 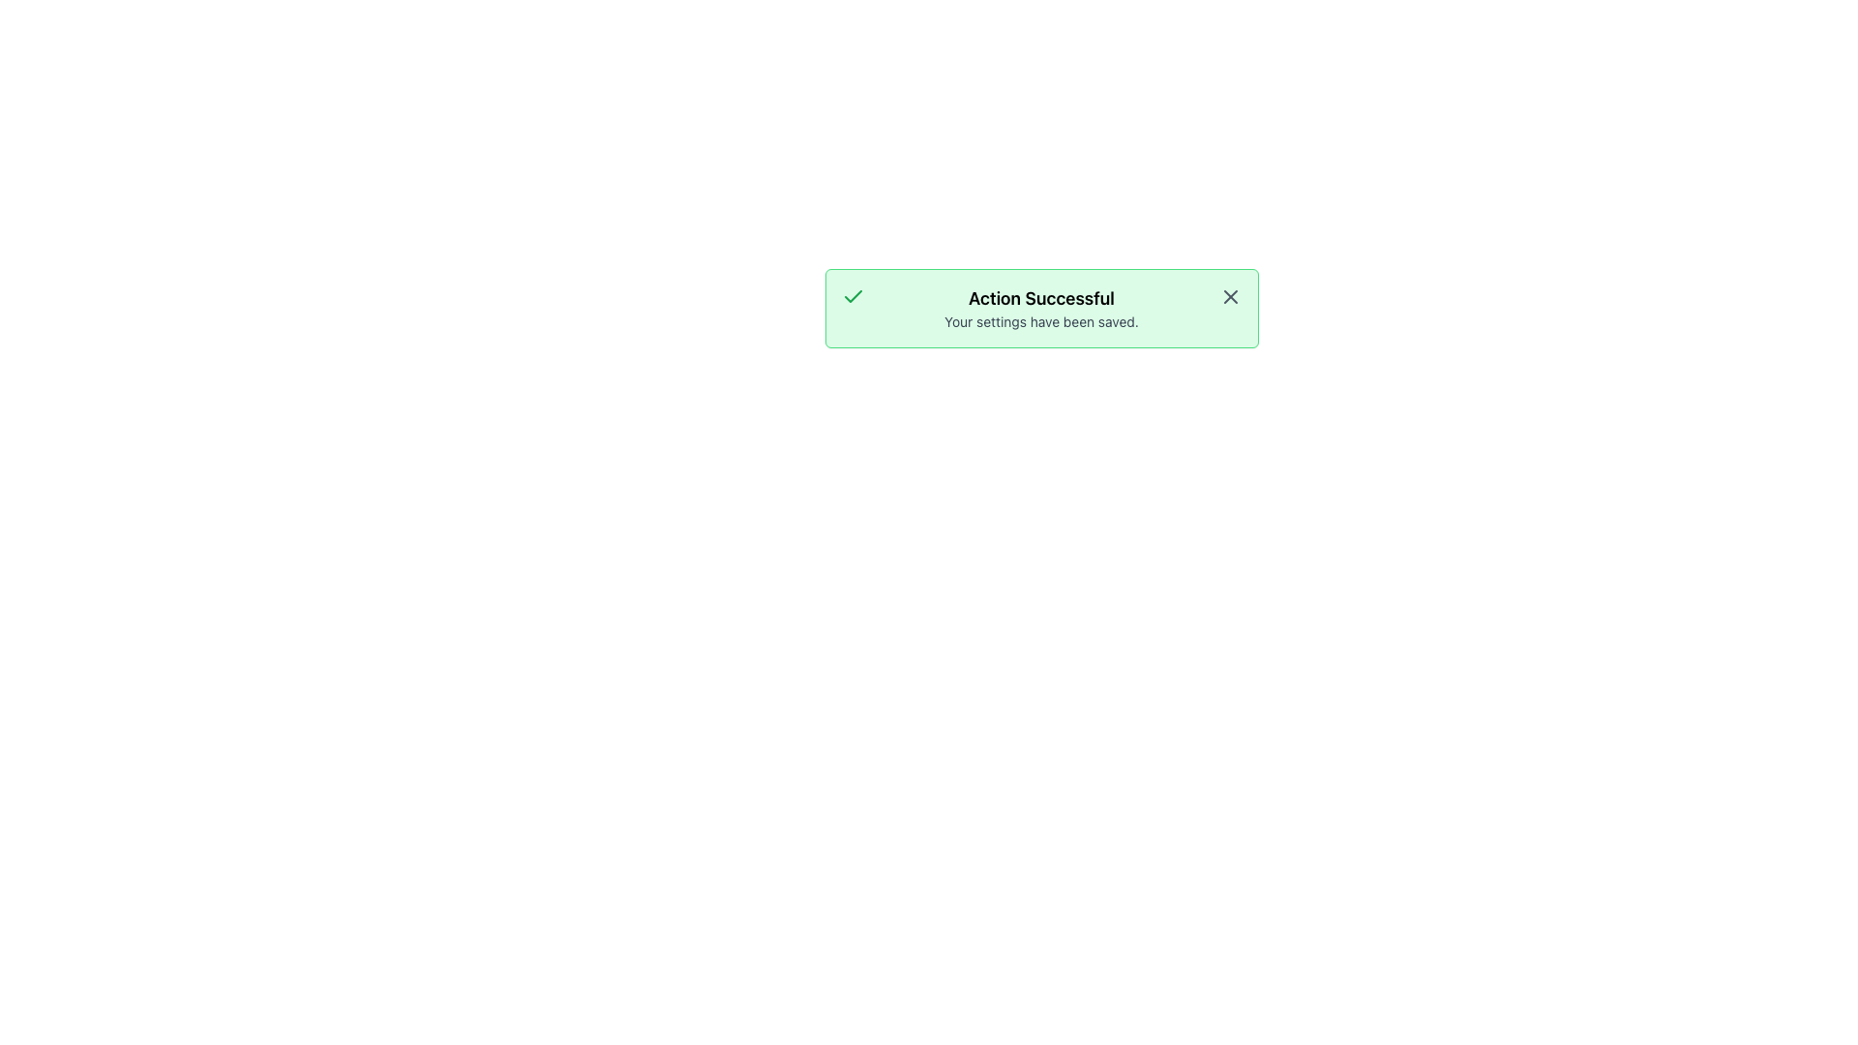 I want to click on message displayed in the notification box with a light green background, containing 'Action Successful' and 'Your settings have been saved.', so click(x=1040, y=308).